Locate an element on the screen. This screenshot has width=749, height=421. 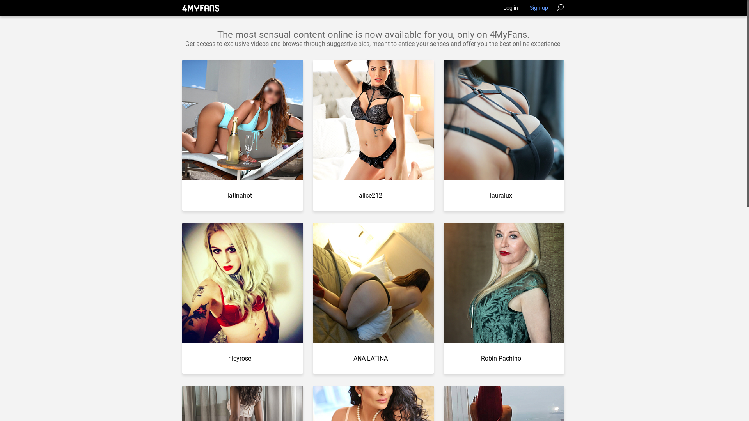
'ANA LATINA' is located at coordinates (370, 358).